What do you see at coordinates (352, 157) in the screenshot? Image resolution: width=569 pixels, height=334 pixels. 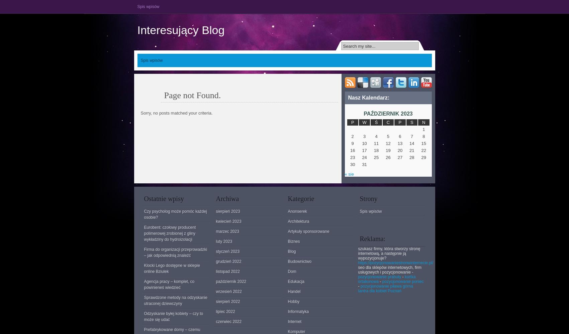 I see `'23'` at bounding box center [352, 157].